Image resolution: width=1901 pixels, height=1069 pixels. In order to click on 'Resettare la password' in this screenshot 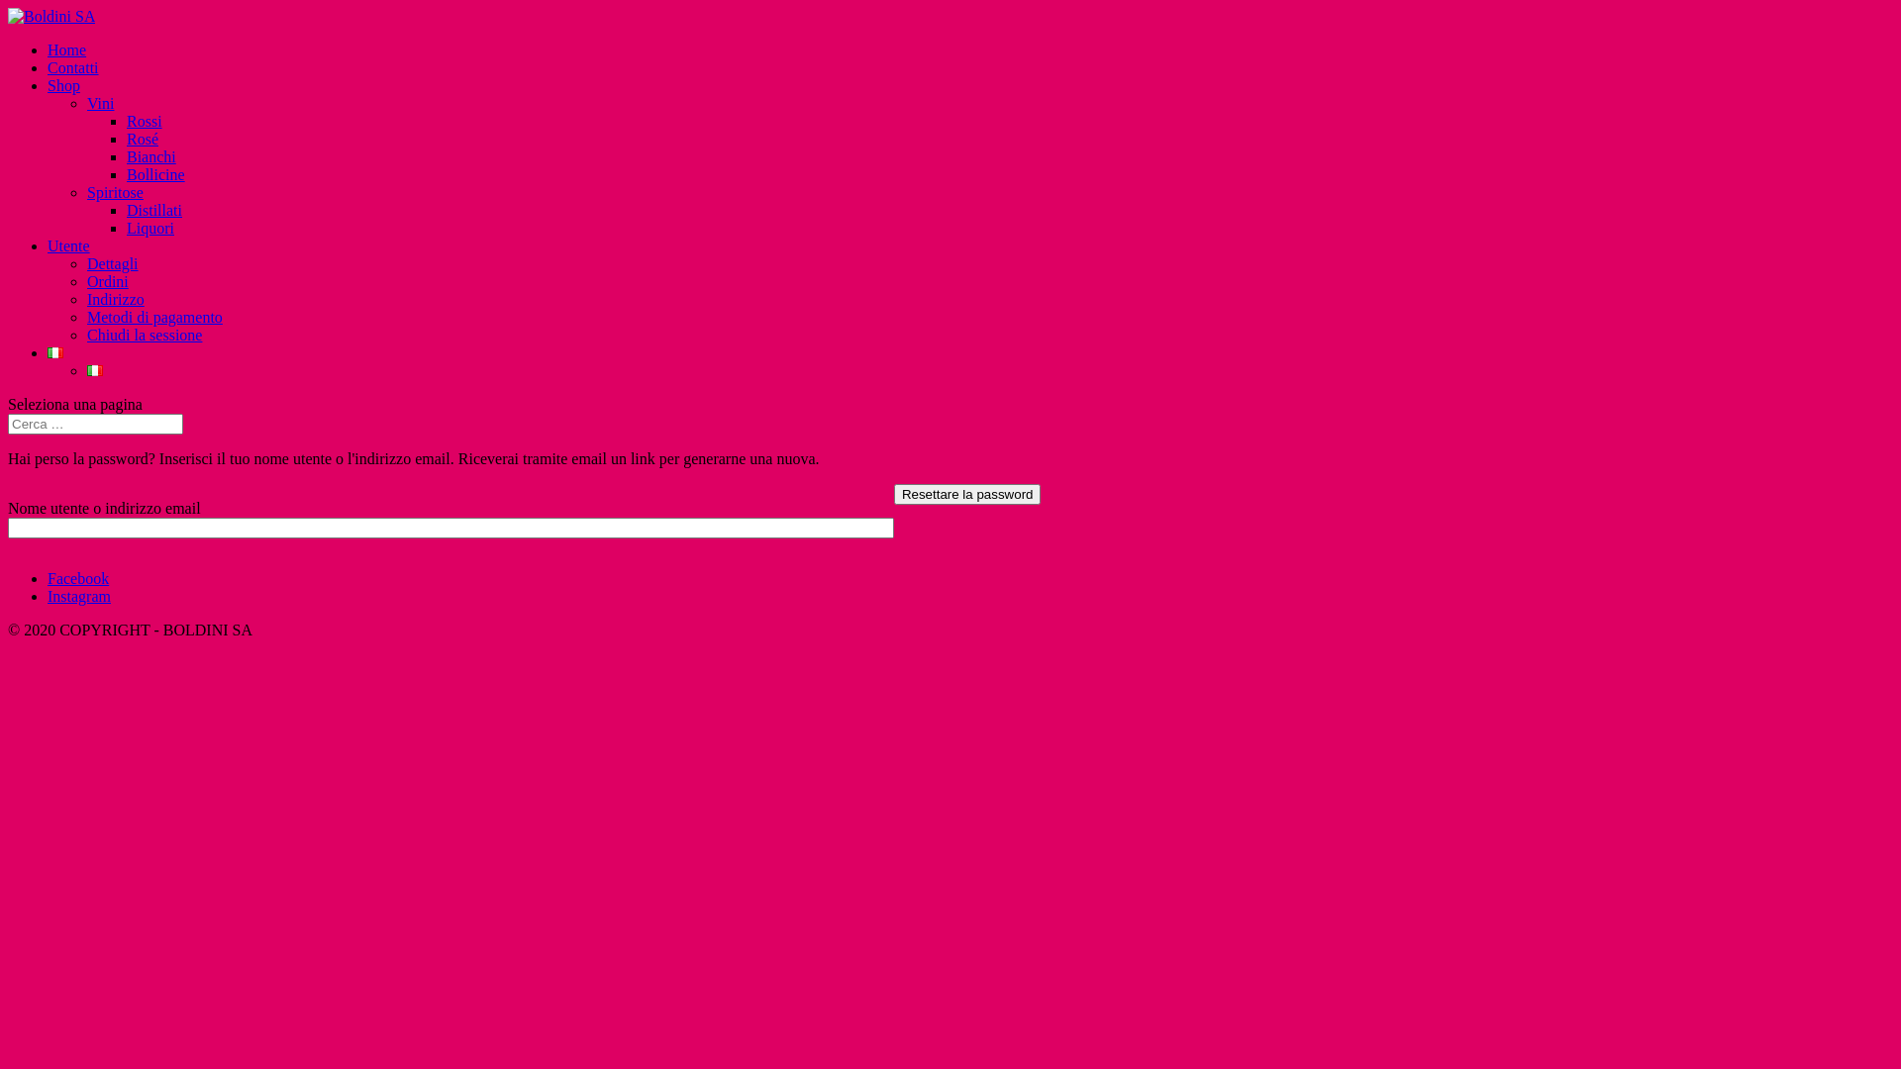, I will do `click(967, 493)`.